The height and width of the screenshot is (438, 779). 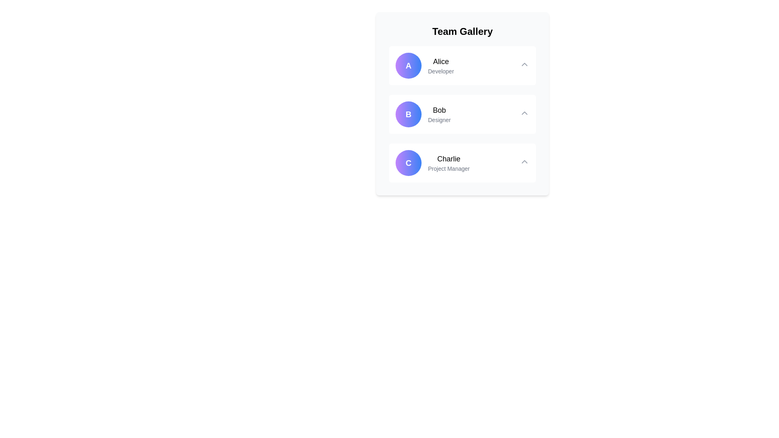 I want to click on the Profile card featuring a light background, rounded corners, and a vibrant circular avatar with the letter 'A', located in the Team Gallery section, so click(x=463, y=65).